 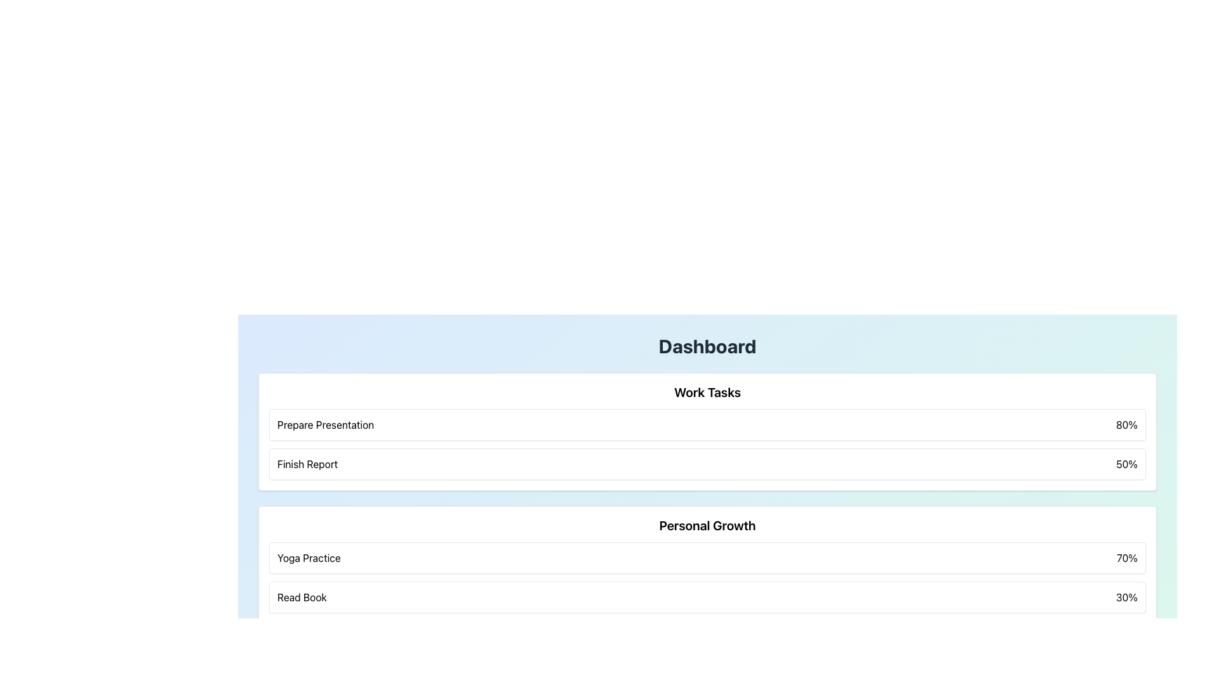 What do you see at coordinates (307, 464) in the screenshot?
I see `the Text Label in the 'Work Tasks' section of the dashboard that summarizes the task 'Prepare Presentation' and is positioned beside '50%'` at bounding box center [307, 464].